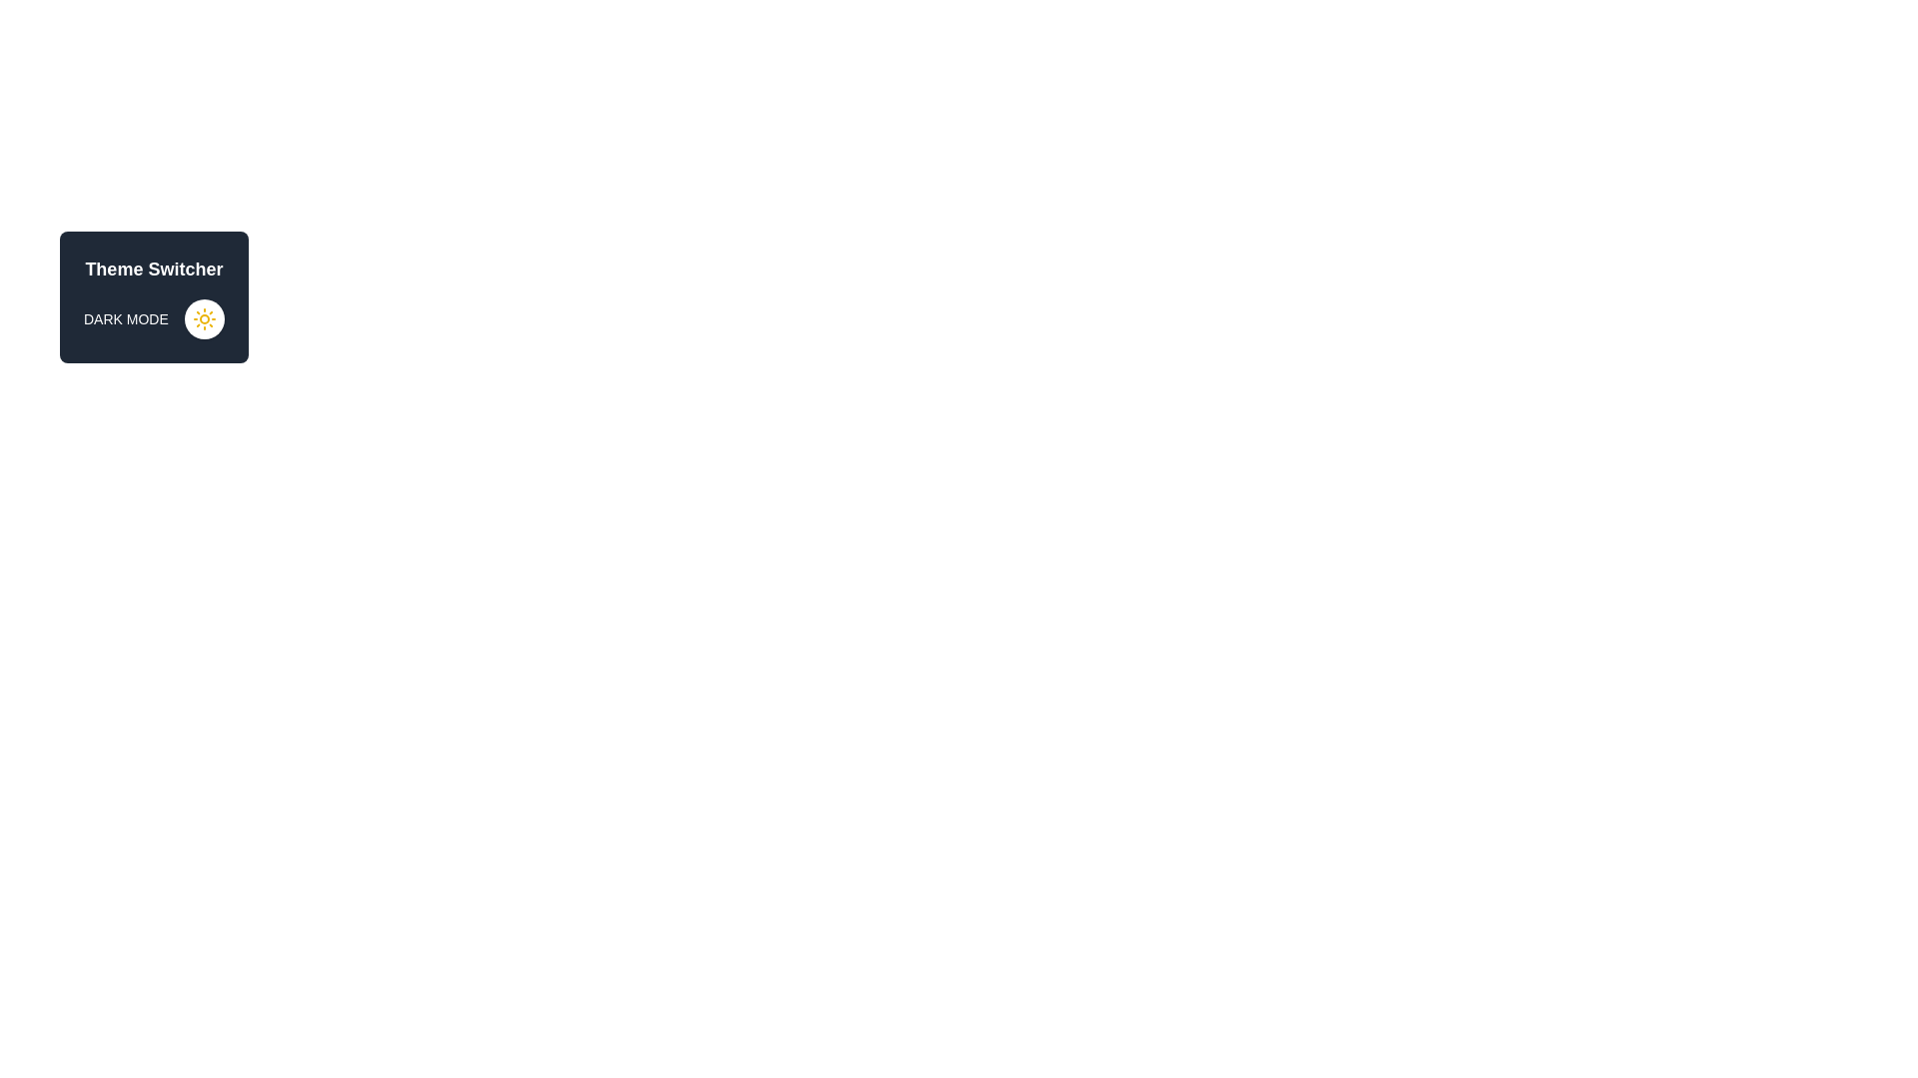 The height and width of the screenshot is (1078, 1918). Describe the element at coordinates (204, 318) in the screenshot. I see `the theme toggle button located to the right of the 'Dark Mode' text to switch between light and dark themes` at that location.